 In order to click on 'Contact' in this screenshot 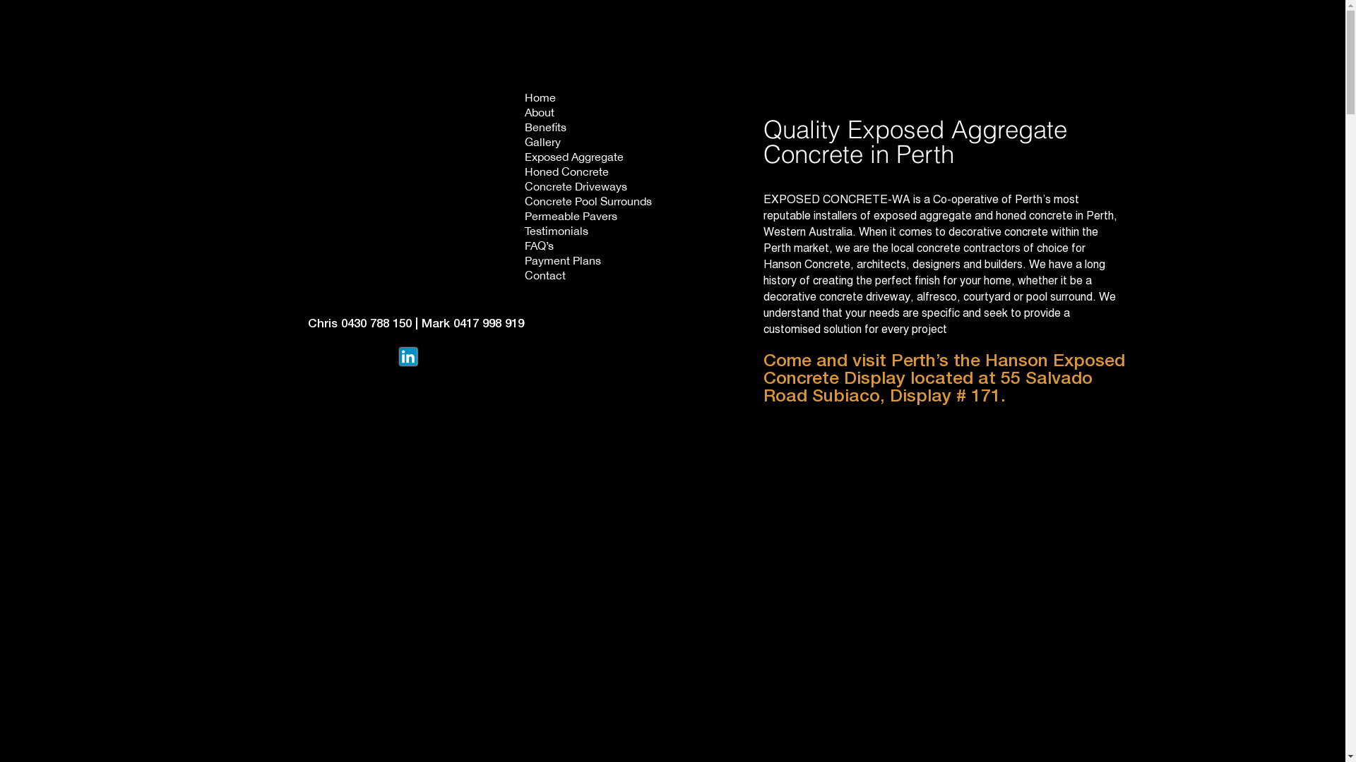, I will do `click(523, 277)`.